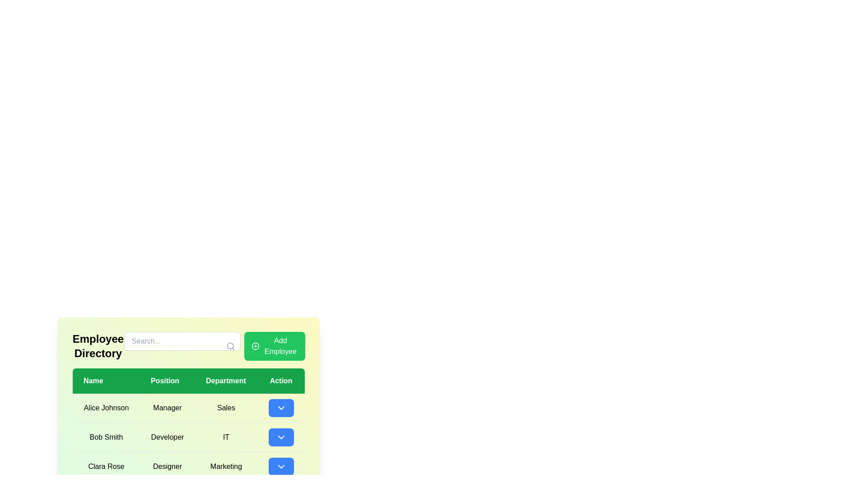 The height and width of the screenshot is (487, 867). Describe the element at coordinates (230, 345) in the screenshot. I see `the circular SVG graphic that is part of the search icon, located to the right of the 'Search...' input field` at that location.